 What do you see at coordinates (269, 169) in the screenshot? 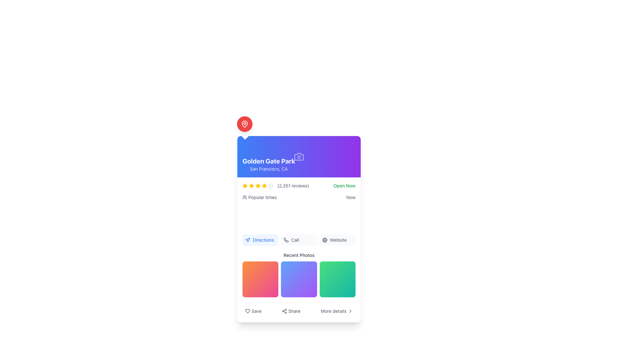
I see `the second text label located below the 'Golden Gate Park' title in the card interface` at bounding box center [269, 169].